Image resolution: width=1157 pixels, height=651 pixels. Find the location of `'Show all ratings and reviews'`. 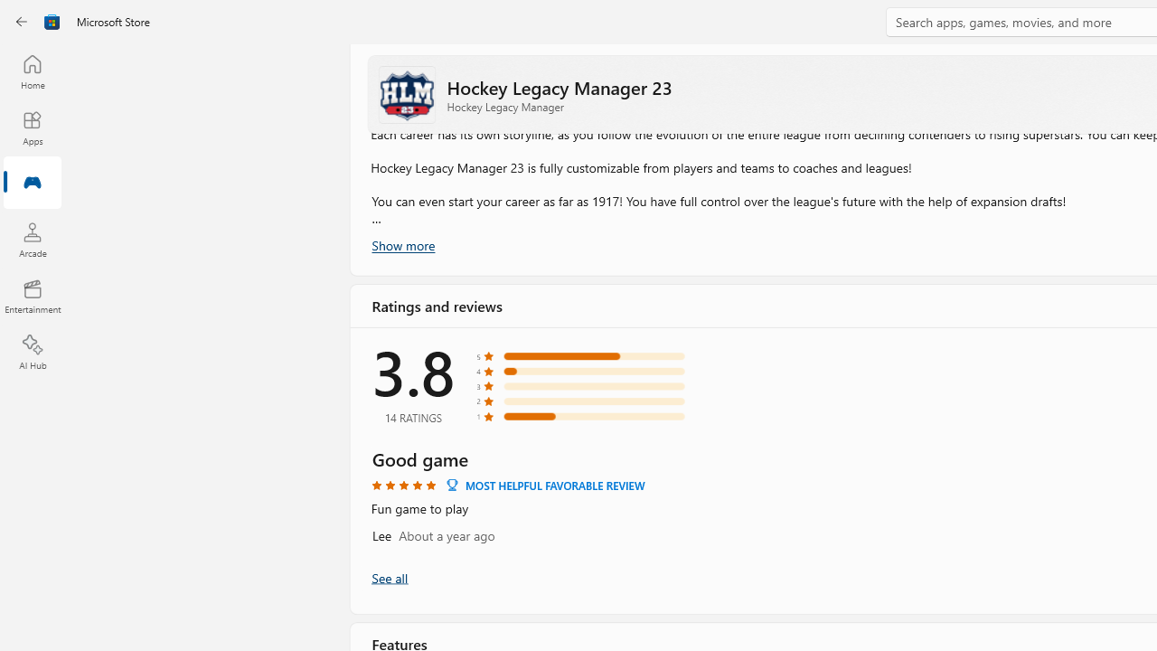

'Show all ratings and reviews' is located at coordinates (388, 577).